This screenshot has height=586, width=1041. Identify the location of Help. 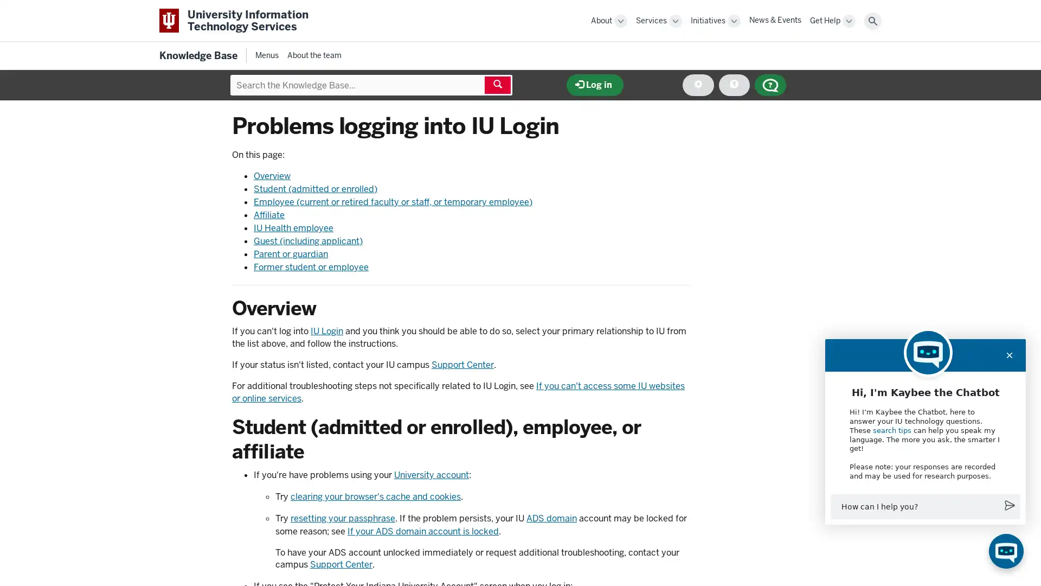
(734, 85).